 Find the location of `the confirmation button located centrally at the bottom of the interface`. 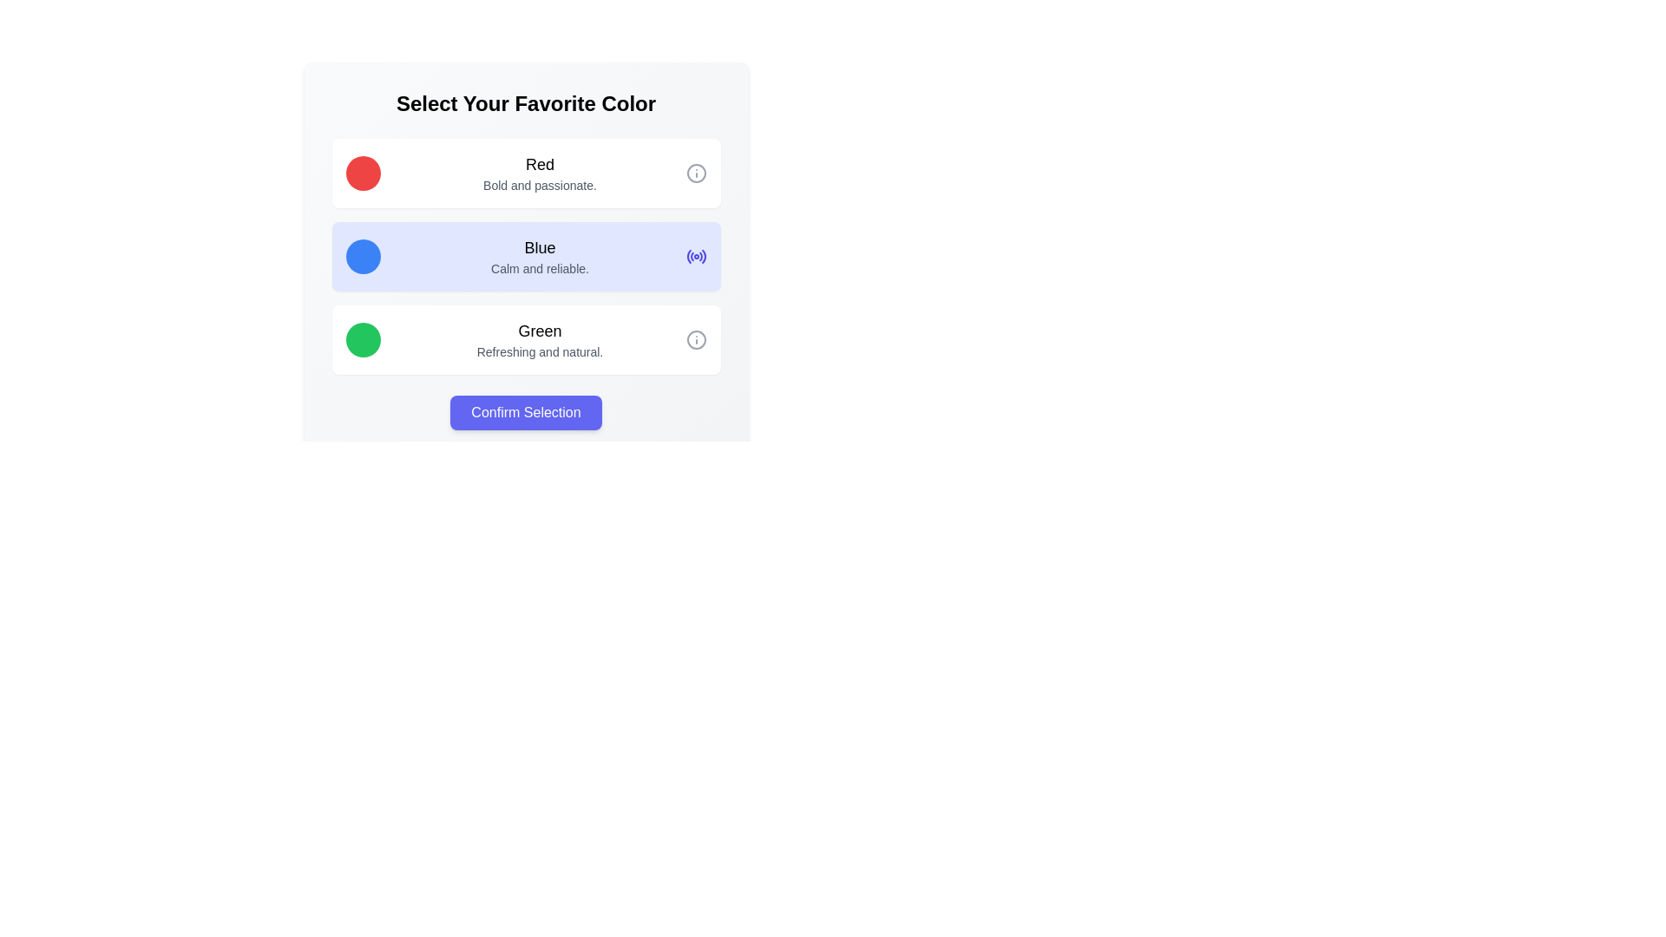

the confirmation button located centrally at the bottom of the interface is located at coordinates (525, 412).